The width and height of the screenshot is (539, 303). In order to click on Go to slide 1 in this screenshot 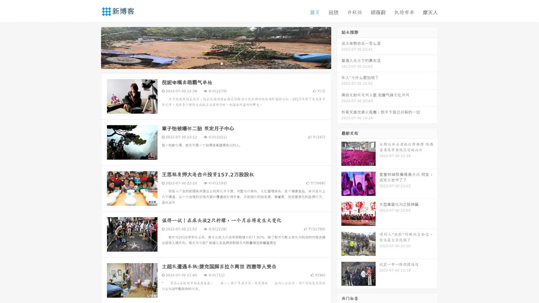, I will do `click(210, 63)`.